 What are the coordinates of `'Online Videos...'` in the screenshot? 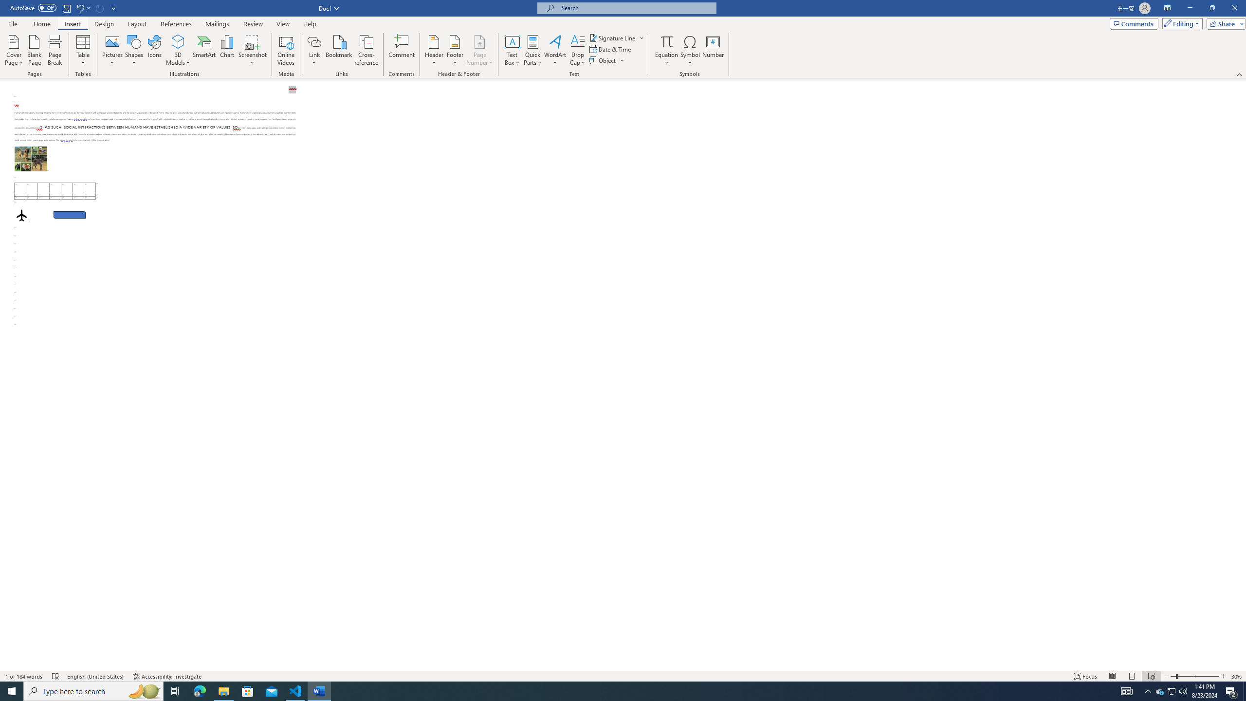 It's located at (286, 50).